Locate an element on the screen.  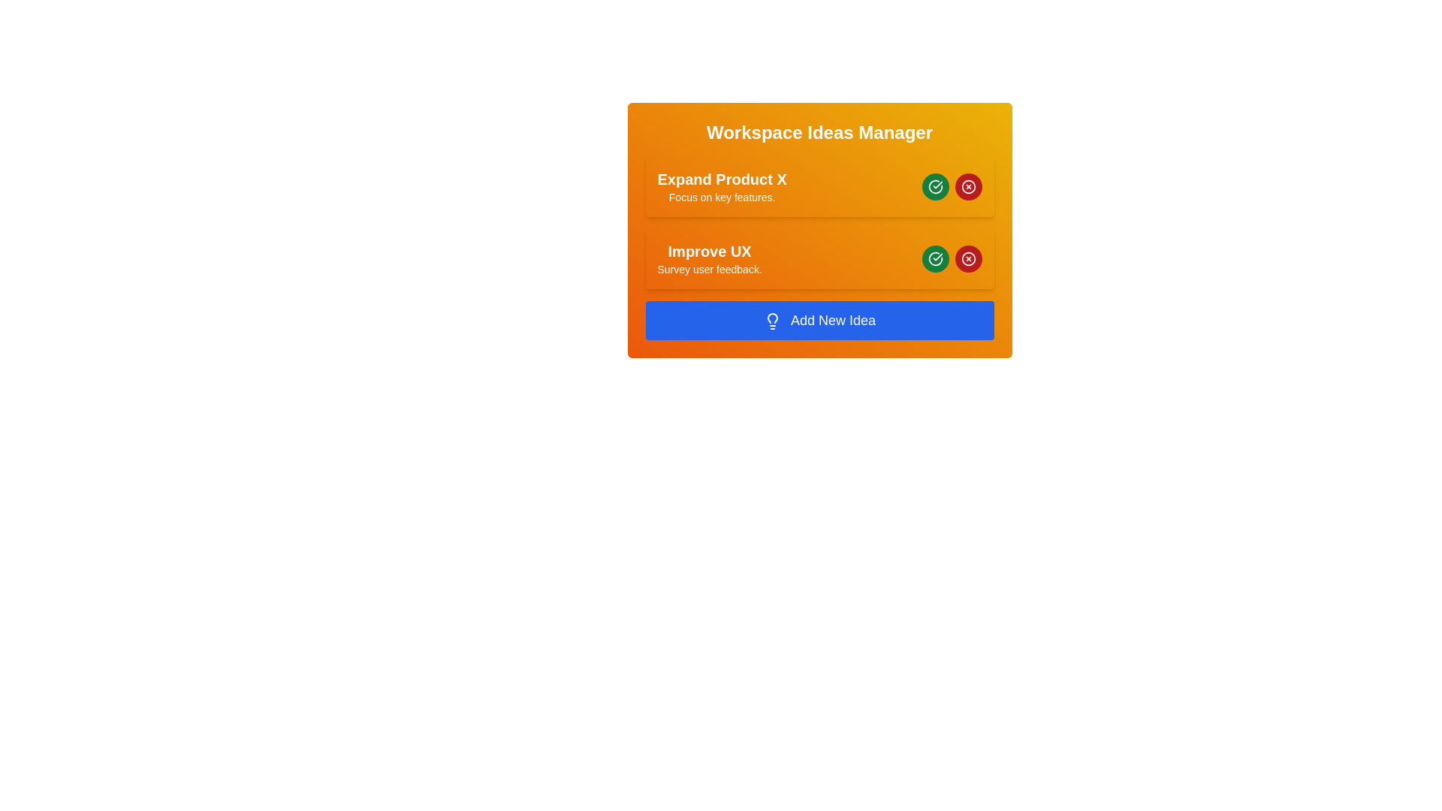
the circular green button with a white checkmark is located at coordinates (934, 186).